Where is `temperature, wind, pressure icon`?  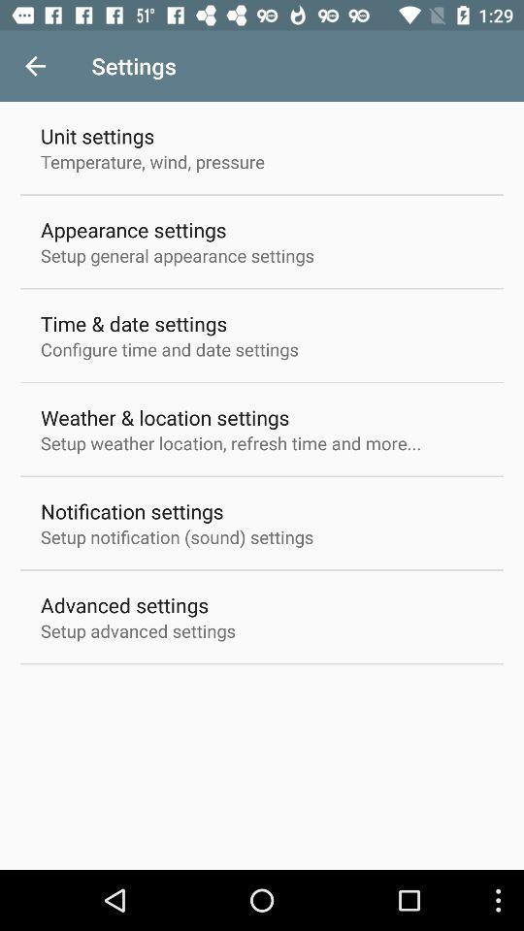
temperature, wind, pressure icon is located at coordinates (151, 160).